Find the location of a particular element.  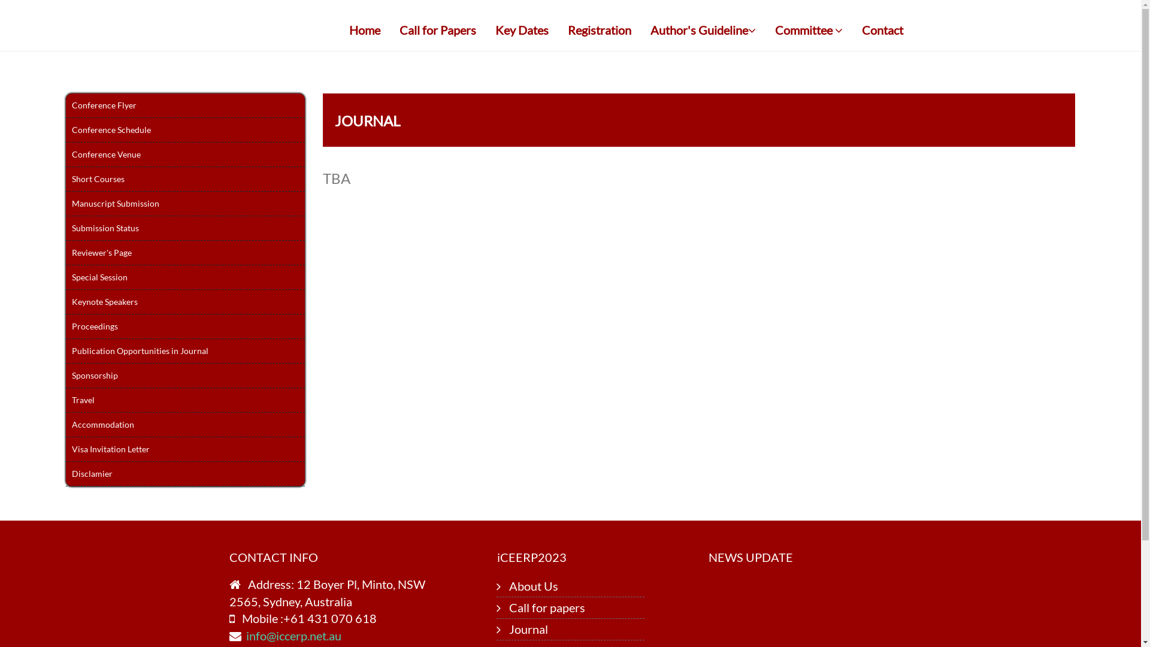

'Author's Guideline' is located at coordinates (702, 29).